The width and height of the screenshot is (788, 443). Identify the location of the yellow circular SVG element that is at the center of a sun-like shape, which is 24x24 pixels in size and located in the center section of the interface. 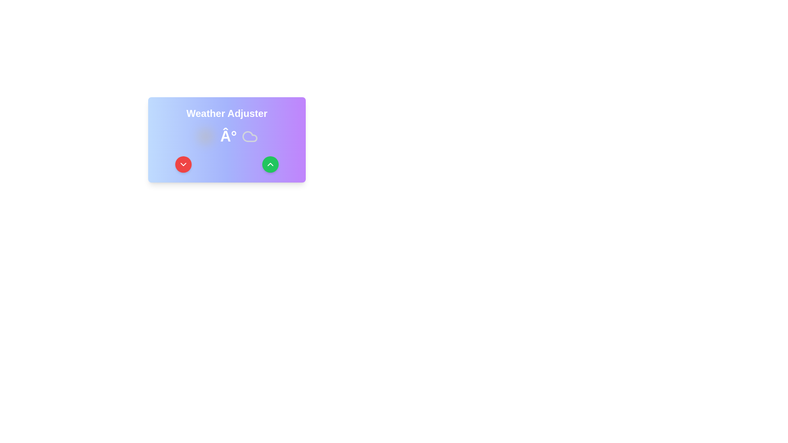
(205, 136).